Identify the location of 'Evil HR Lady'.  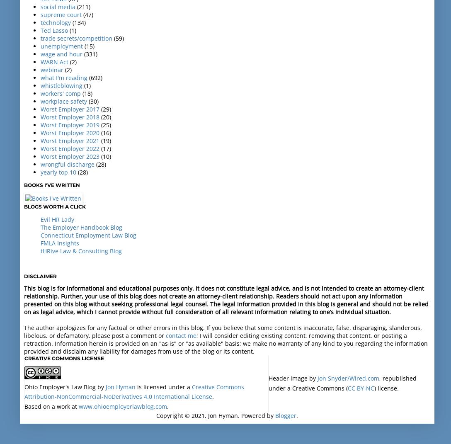
(57, 218).